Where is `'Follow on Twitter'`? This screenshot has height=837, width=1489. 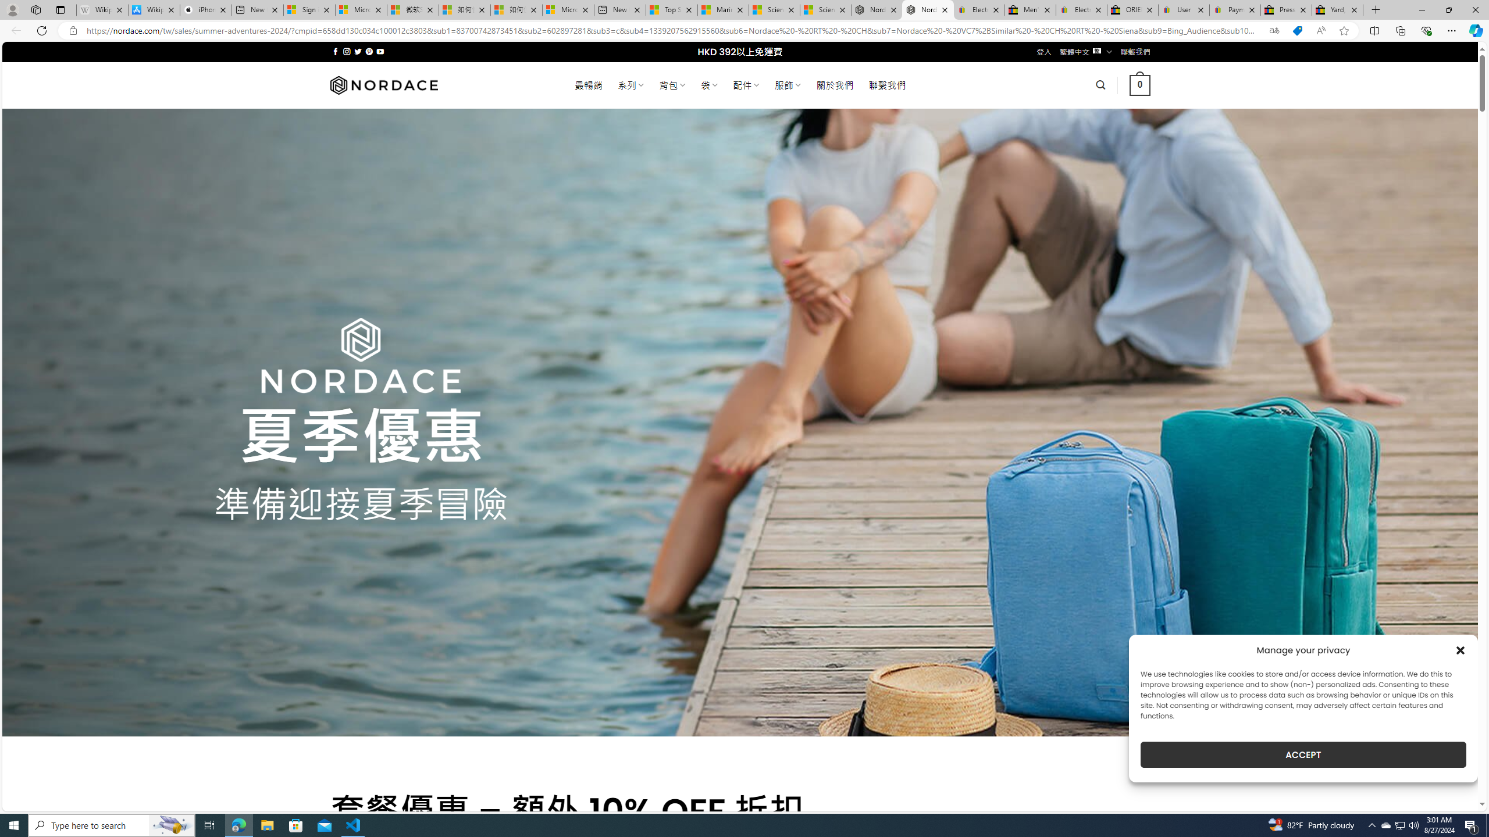
'Follow on Twitter' is located at coordinates (358, 51).